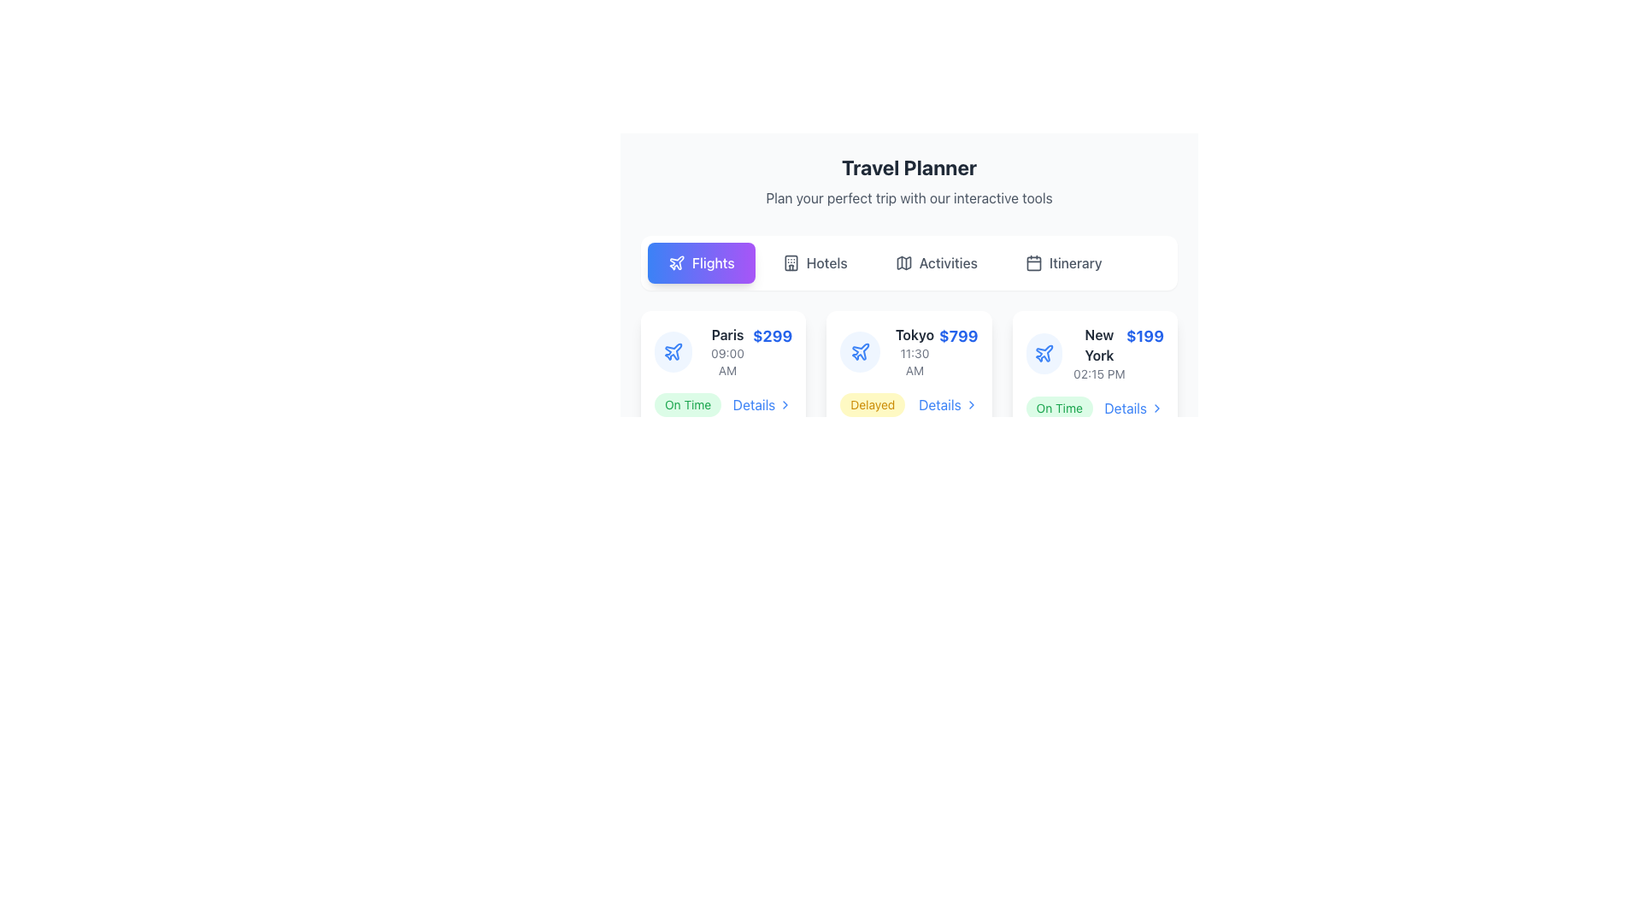 The height and width of the screenshot is (923, 1641). What do you see at coordinates (1074, 263) in the screenshot?
I see `the text label in the navigation bar that indicates selecting it will lead` at bounding box center [1074, 263].